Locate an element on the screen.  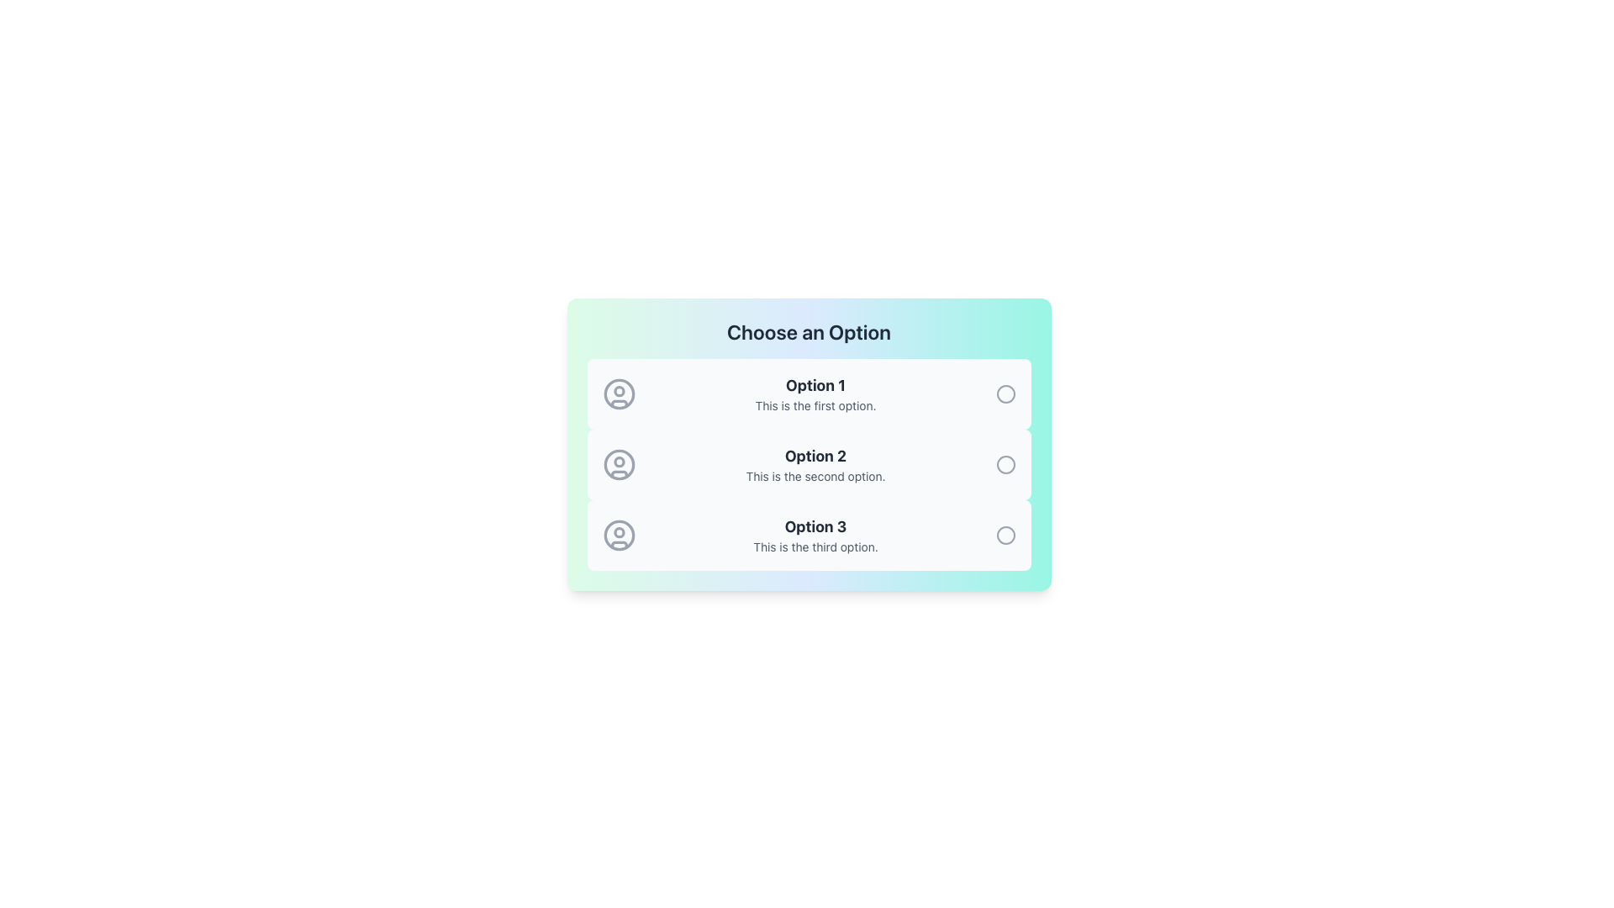
the circular graphical icon that represents the second item in a vertical list, located to the right of the 'Option 2' text is located at coordinates (1005, 464).